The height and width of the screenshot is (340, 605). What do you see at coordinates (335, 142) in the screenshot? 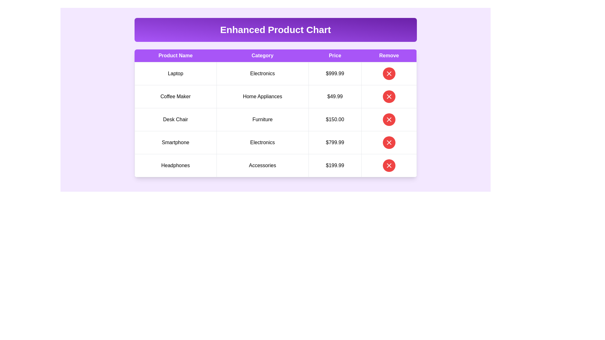
I see `the price text element in the fourth row of the product chart, located under the 'Price' column, which displays the price of the Smartphone product` at bounding box center [335, 142].